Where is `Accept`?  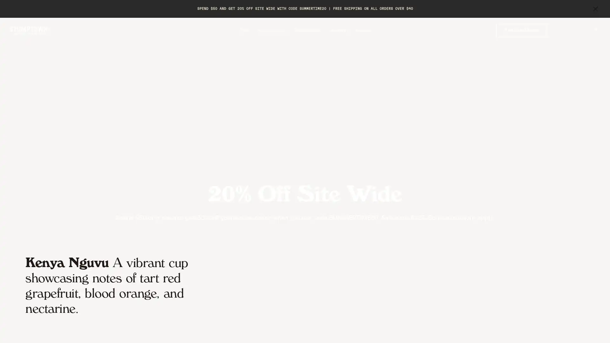 Accept is located at coordinates (581, 334).